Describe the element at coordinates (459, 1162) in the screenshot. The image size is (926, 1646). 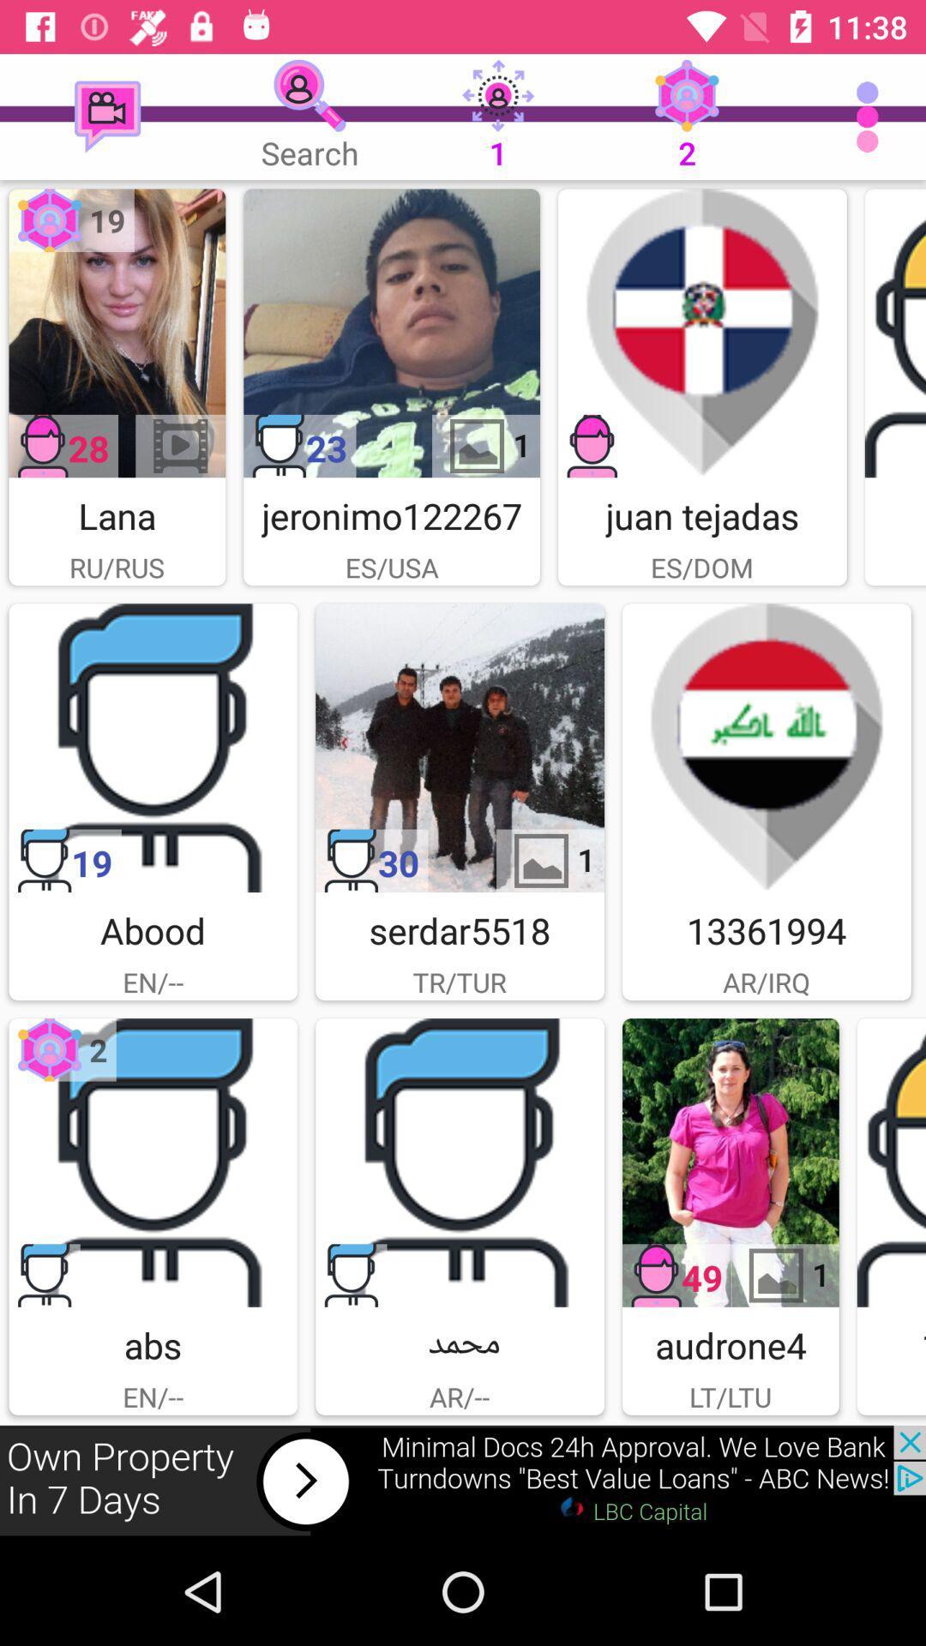
I see `members` at that location.